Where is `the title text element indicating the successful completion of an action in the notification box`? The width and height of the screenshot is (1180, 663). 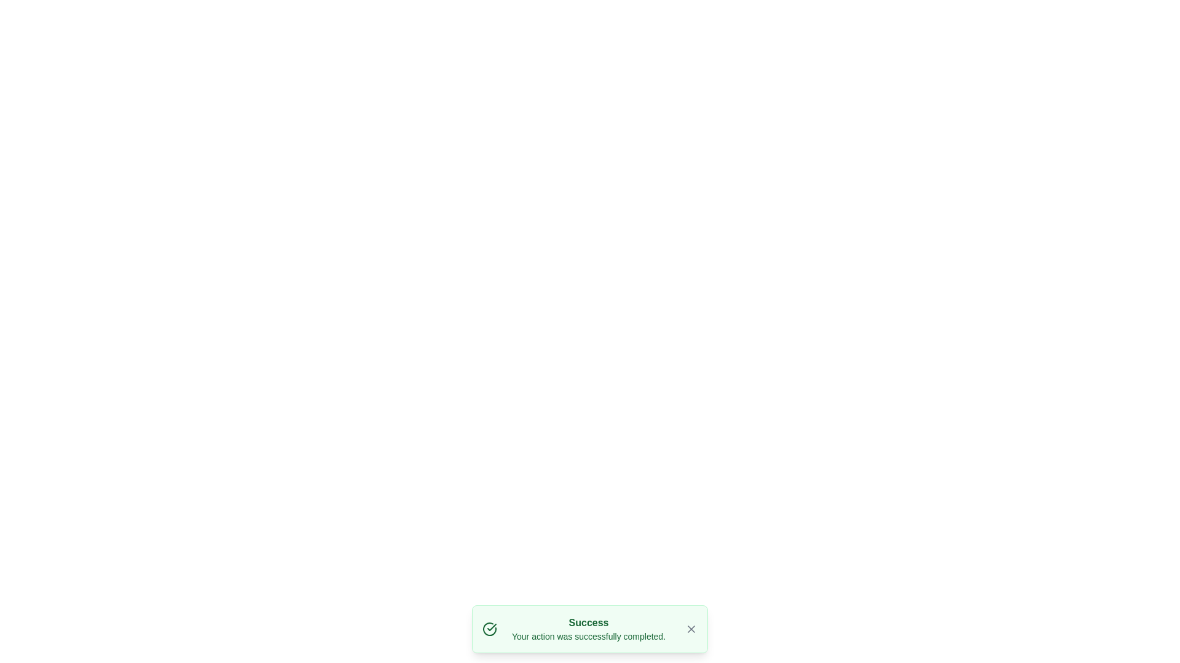 the title text element indicating the successful completion of an action in the notification box is located at coordinates (588, 622).